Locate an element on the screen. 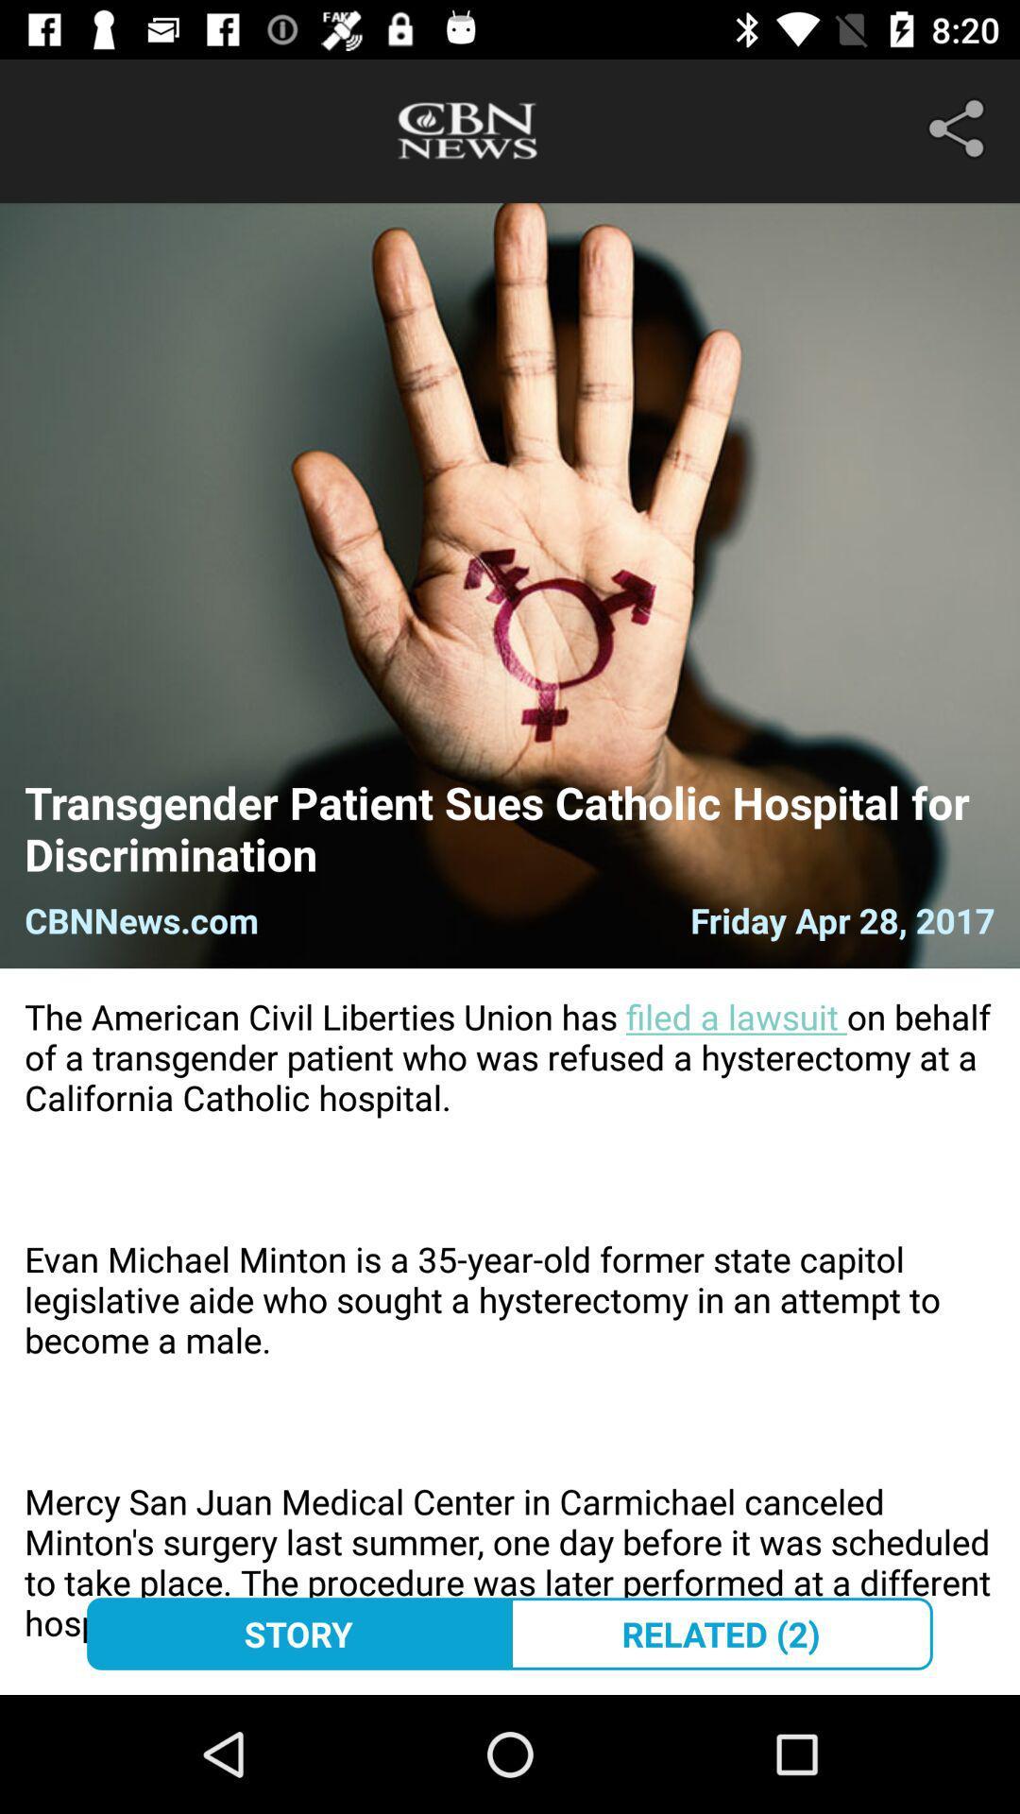  the american civil is located at coordinates (510, 1330).